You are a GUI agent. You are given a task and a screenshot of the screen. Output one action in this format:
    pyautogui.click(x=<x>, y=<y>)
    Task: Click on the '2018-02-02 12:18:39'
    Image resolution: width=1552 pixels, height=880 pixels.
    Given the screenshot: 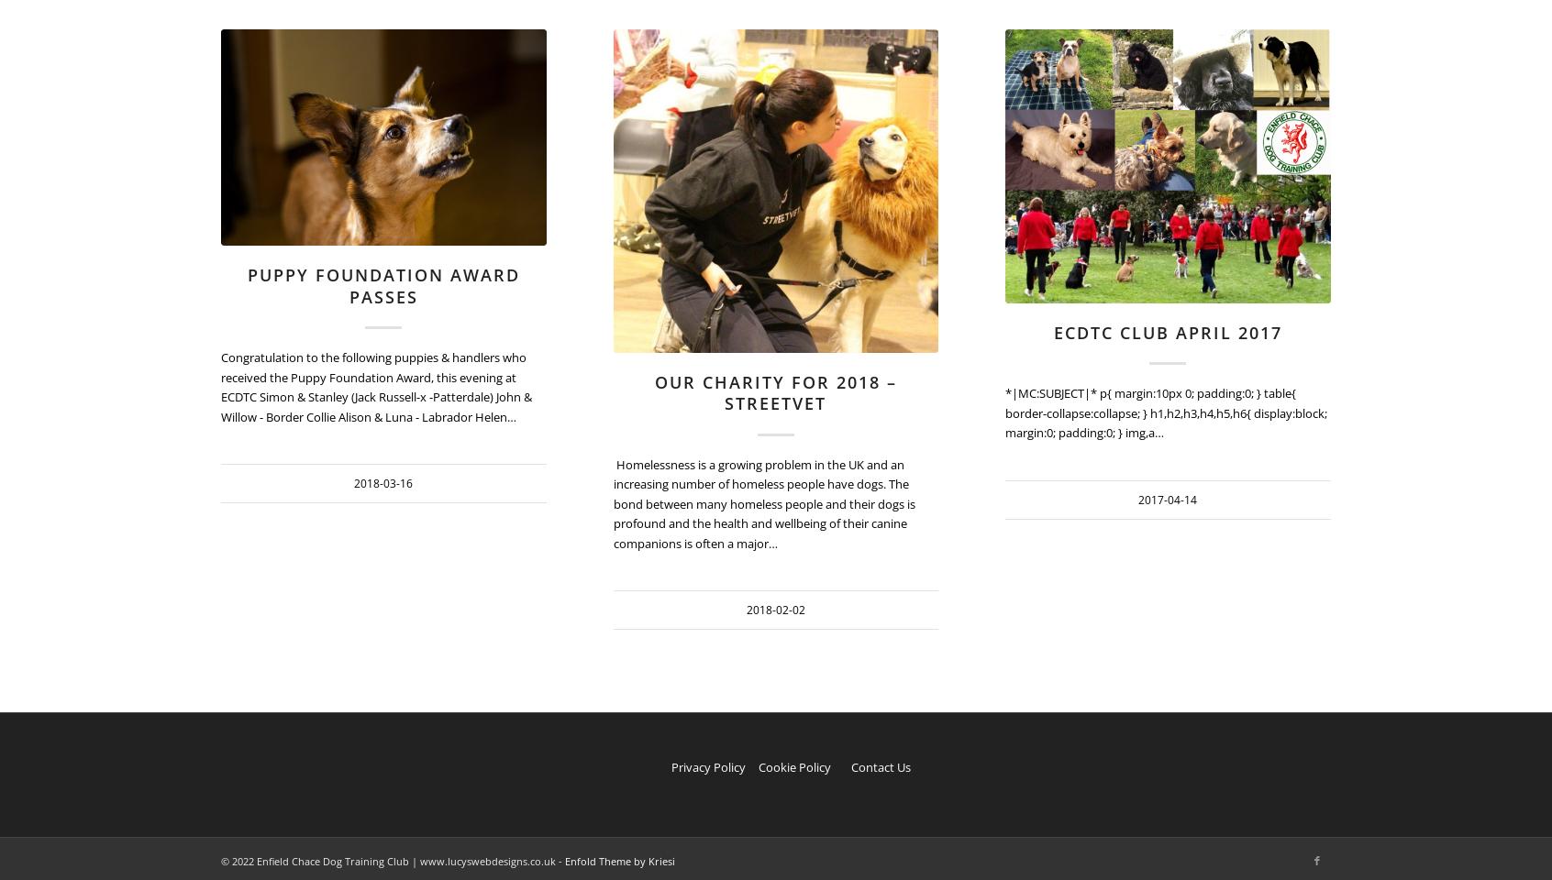 What is the action you would take?
    pyautogui.click(x=1033, y=145)
    